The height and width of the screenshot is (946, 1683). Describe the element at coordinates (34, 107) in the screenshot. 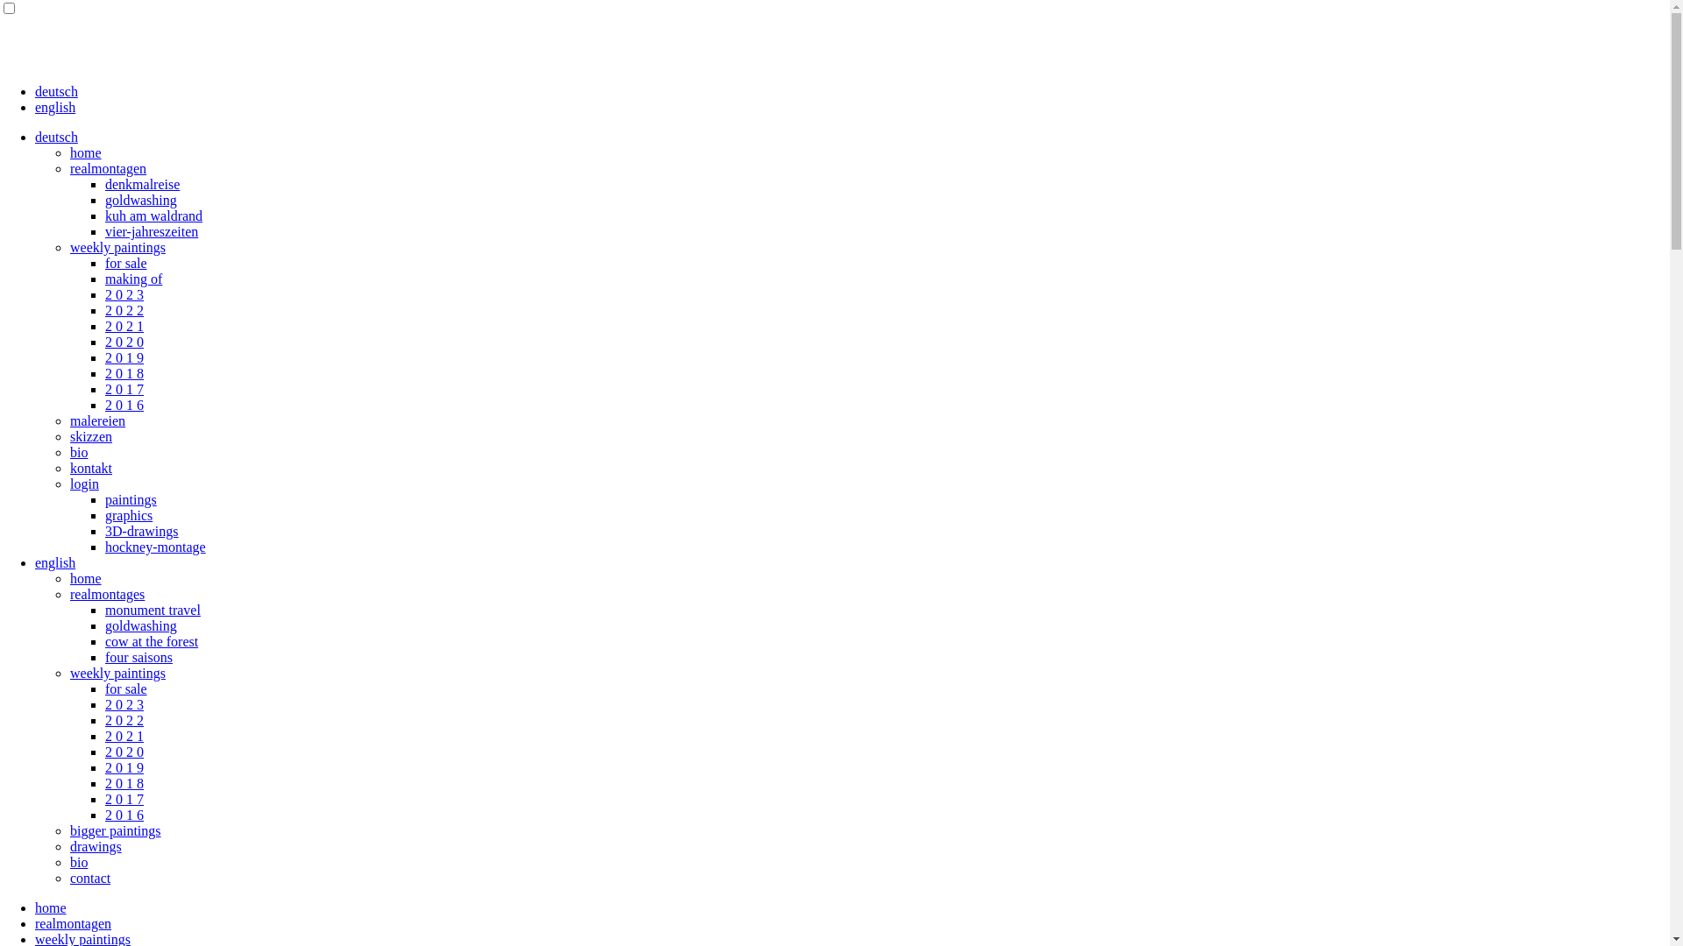

I see `'english'` at that location.